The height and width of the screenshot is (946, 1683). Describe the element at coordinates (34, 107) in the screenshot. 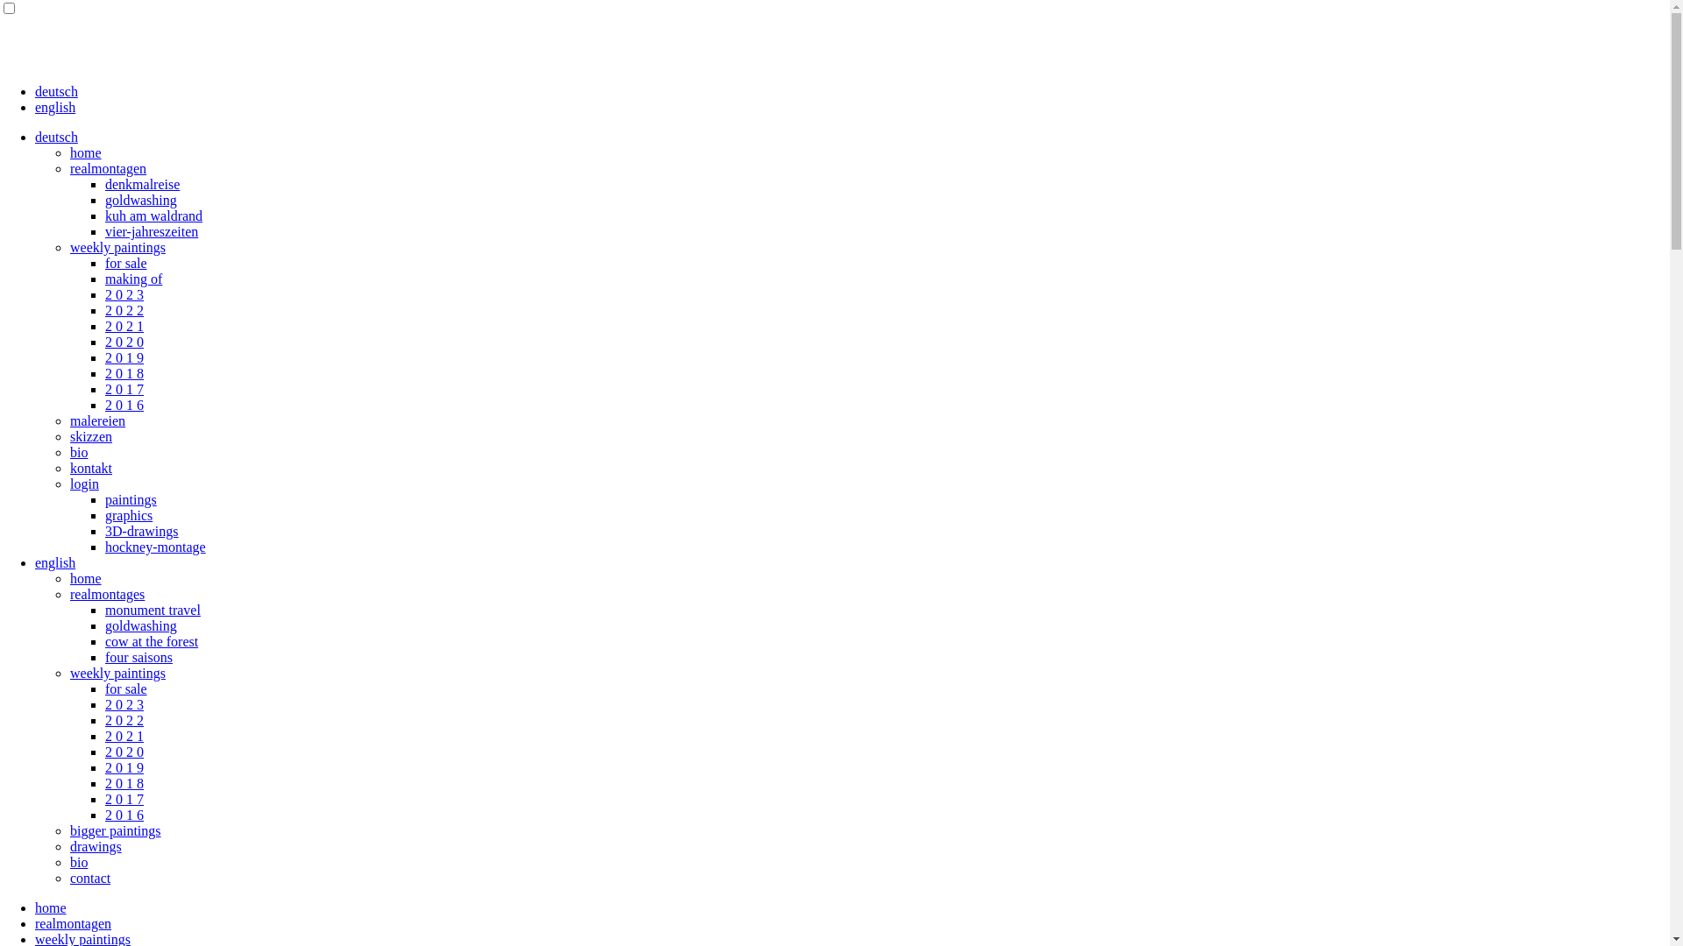

I see `'english'` at that location.